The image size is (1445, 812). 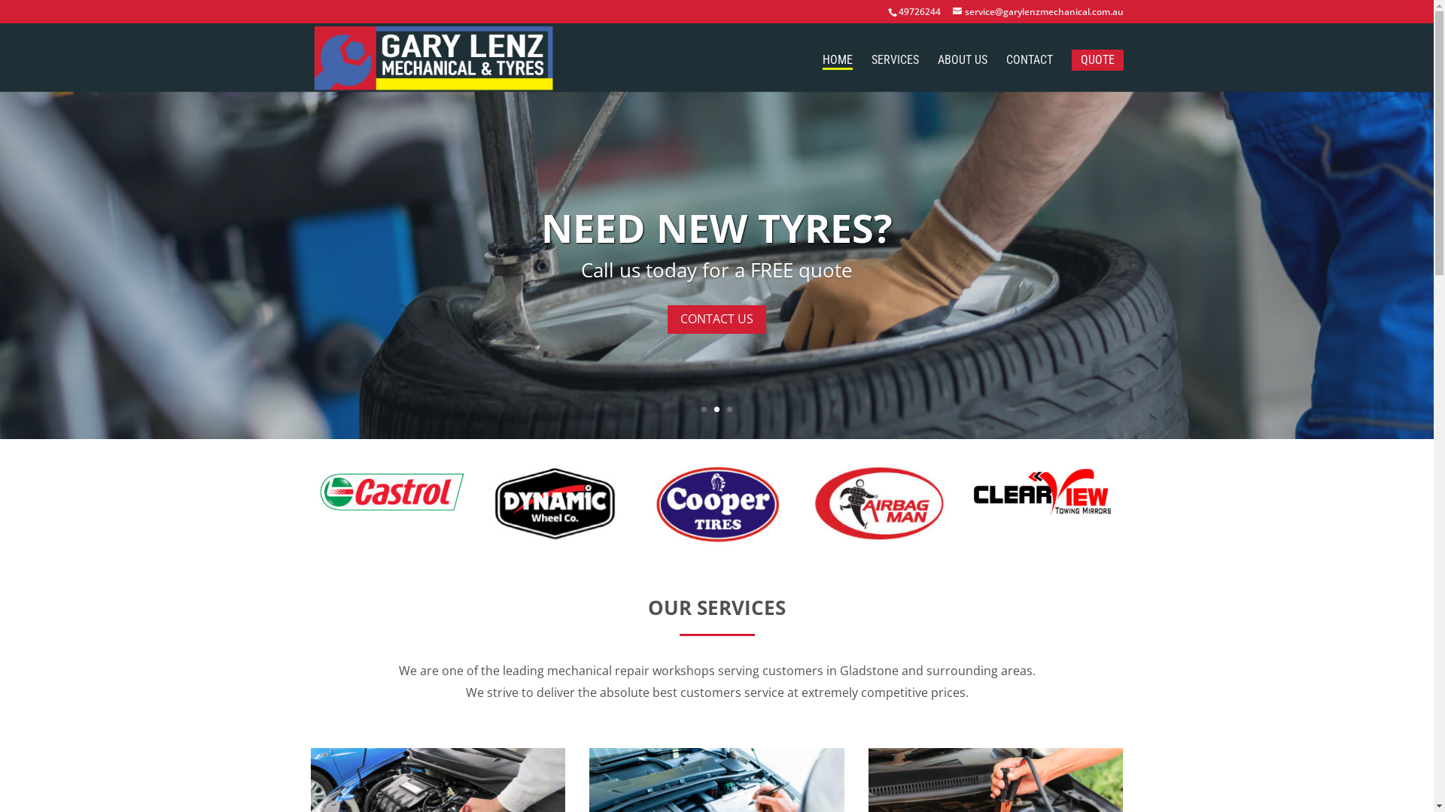 I want to click on 'CONTACT US', so click(x=716, y=319).